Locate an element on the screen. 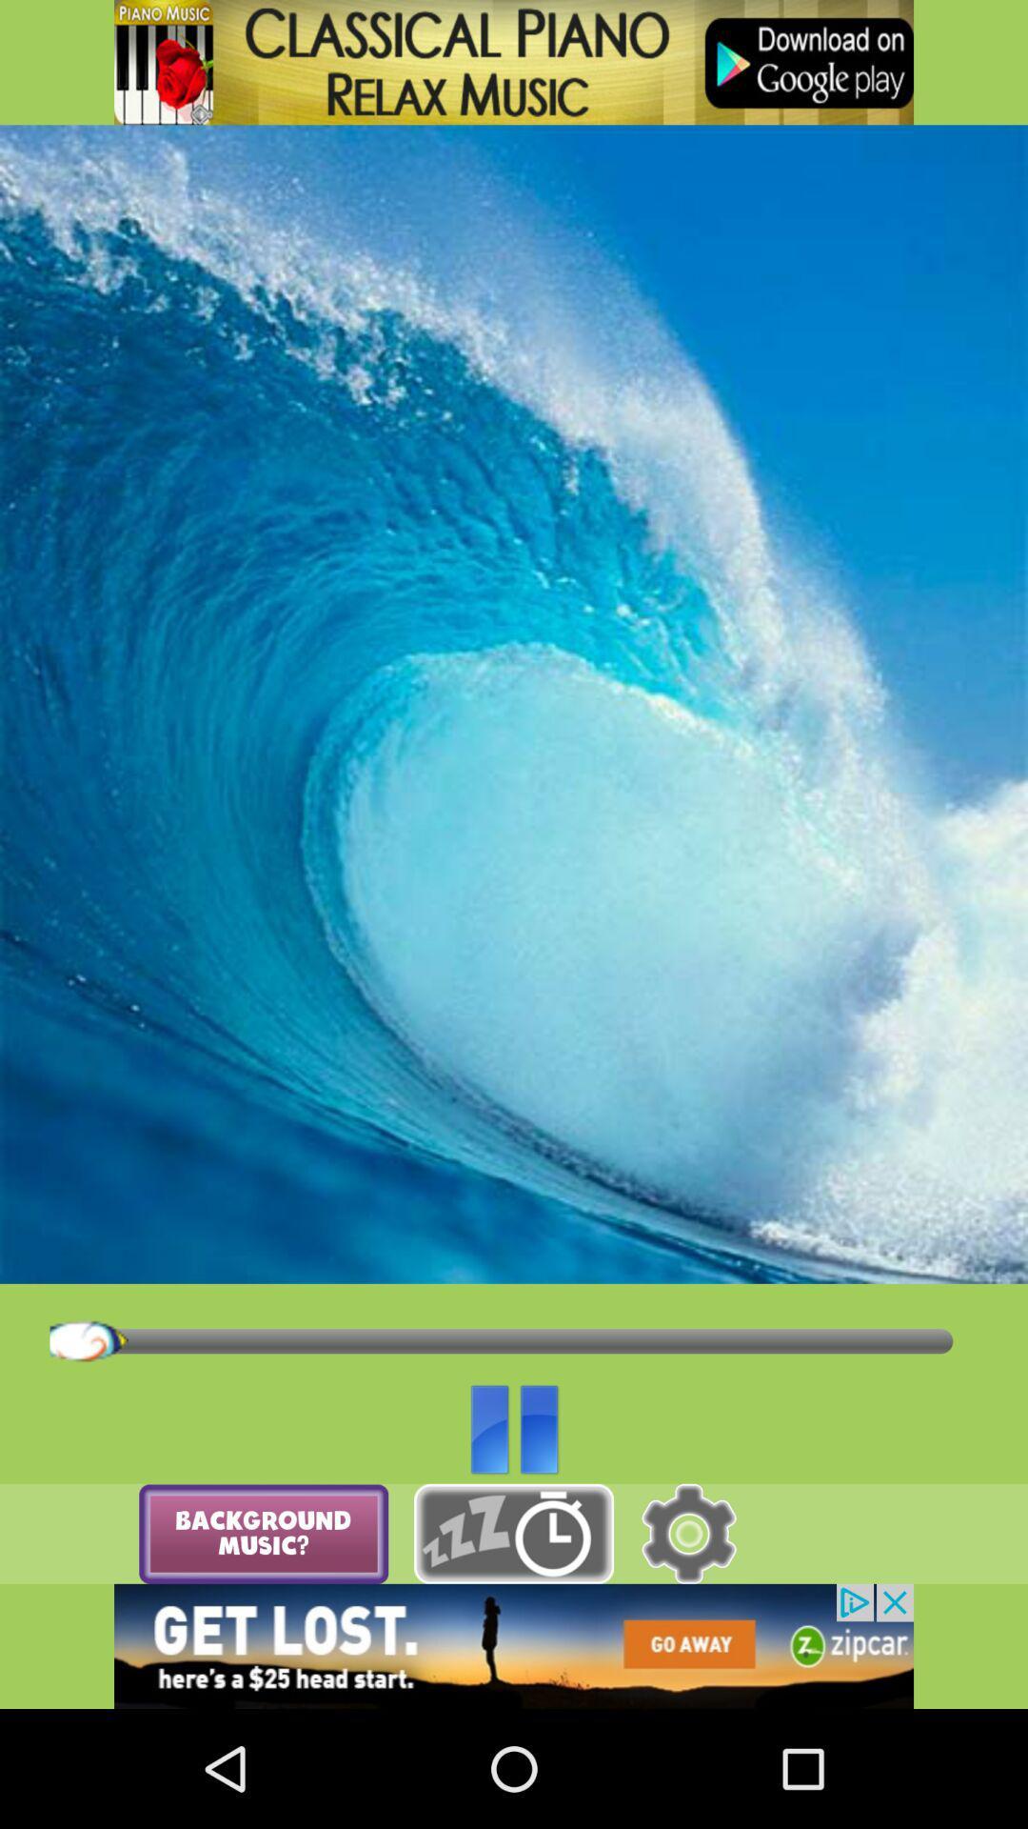 Image resolution: width=1028 pixels, height=1829 pixels. snooze timer option is located at coordinates (514, 1534).